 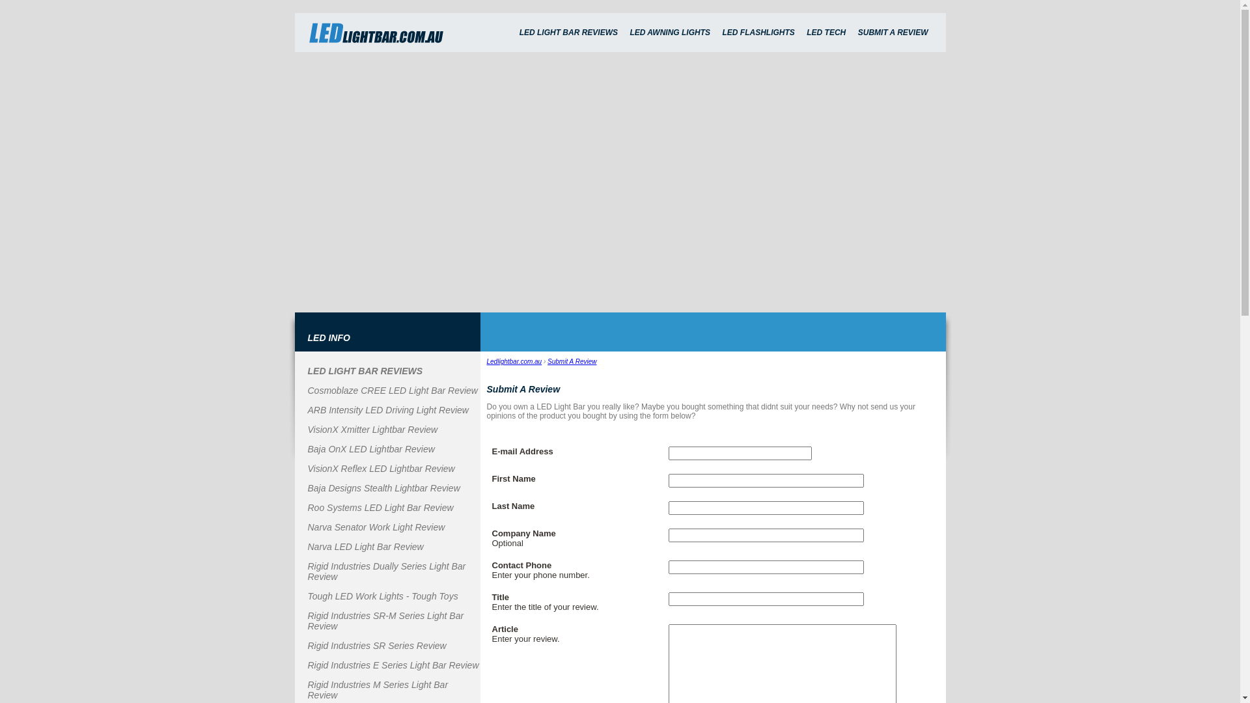 I want to click on 'Baja Designs Stealth Lightbar Review', so click(x=383, y=488).